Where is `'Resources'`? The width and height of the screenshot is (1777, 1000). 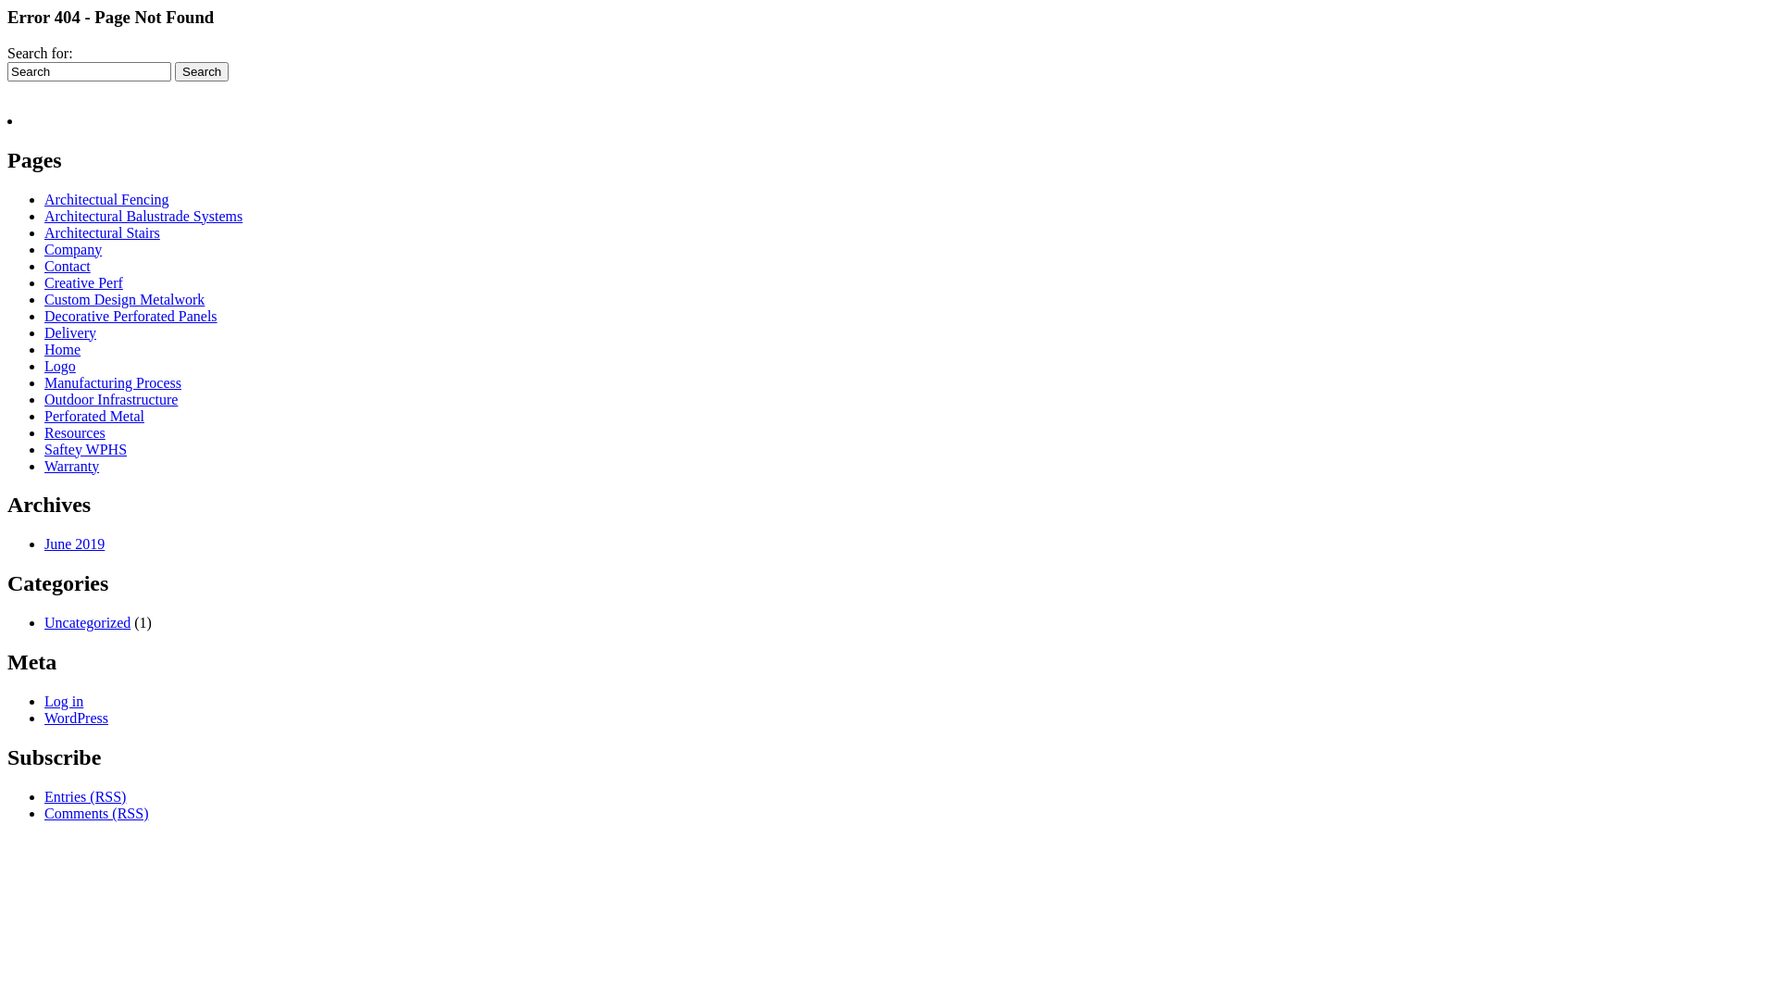 'Resources' is located at coordinates (74, 432).